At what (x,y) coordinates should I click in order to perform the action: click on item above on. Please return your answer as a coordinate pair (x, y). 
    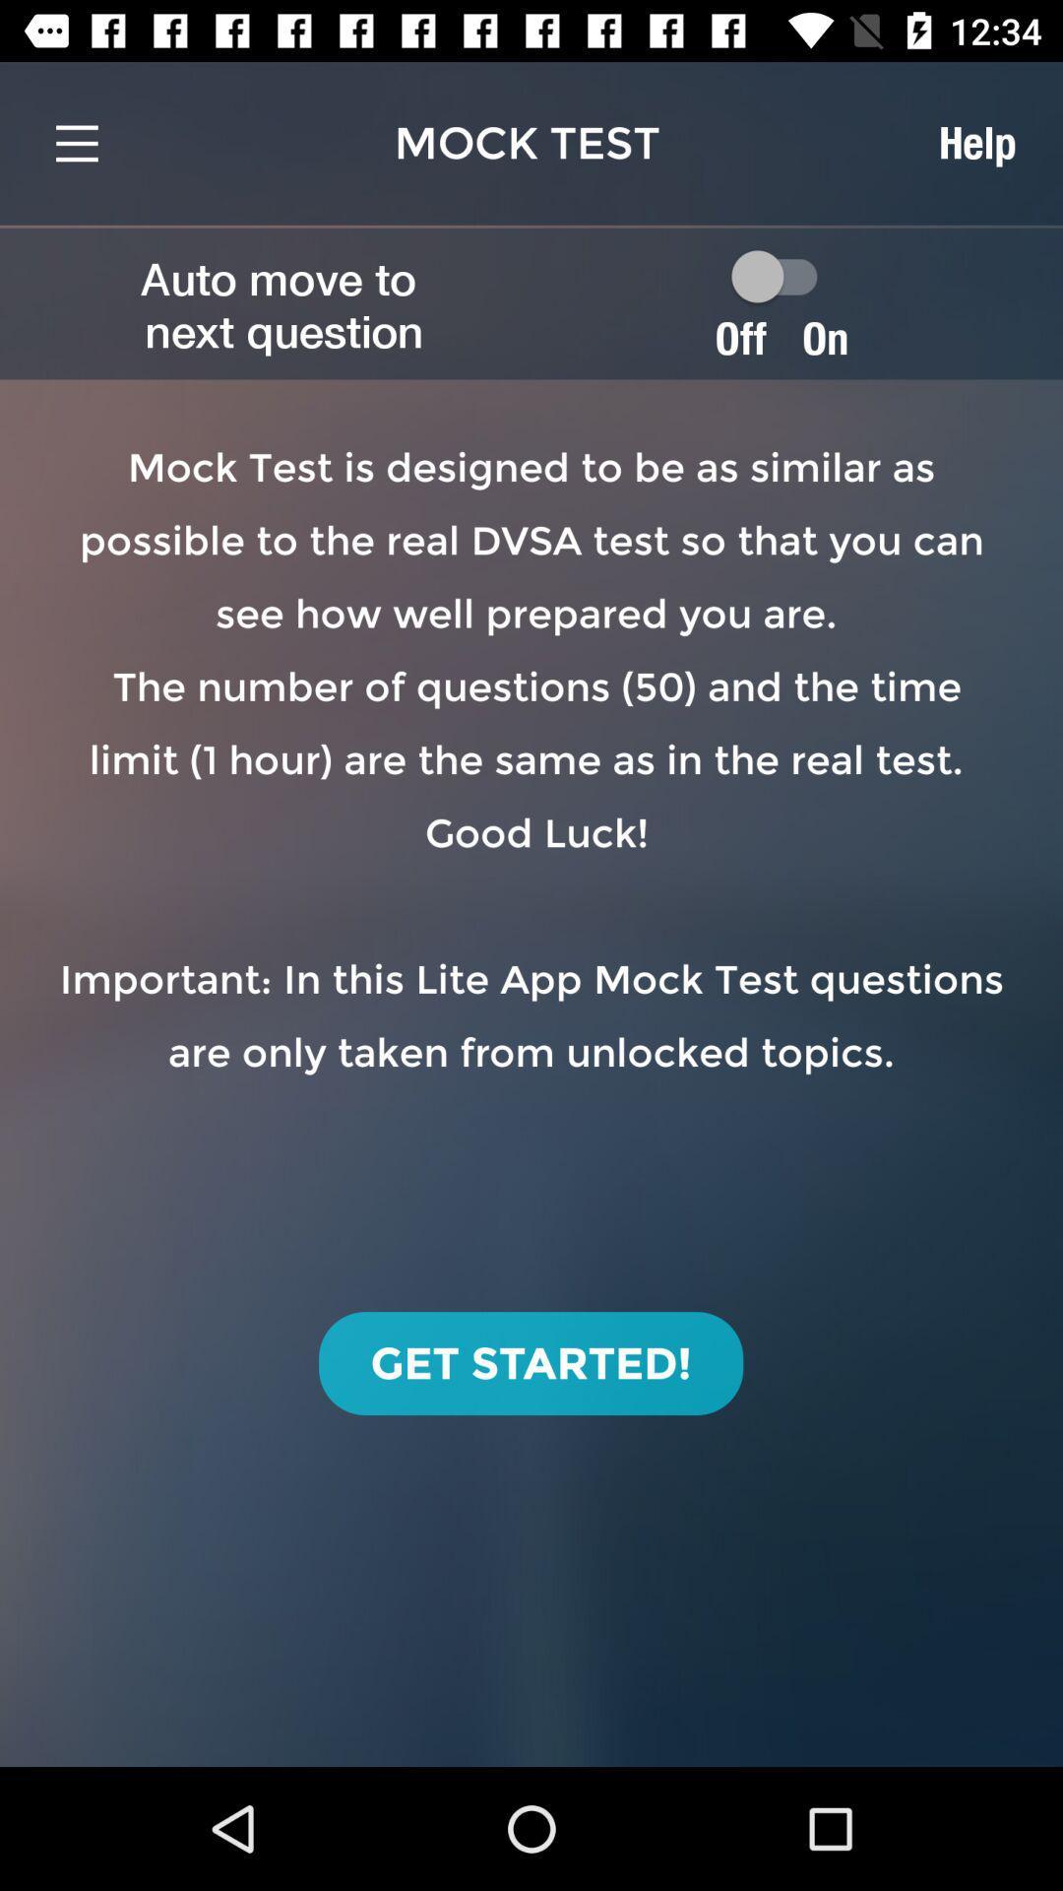
    Looking at the image, I should click on (976, 142).